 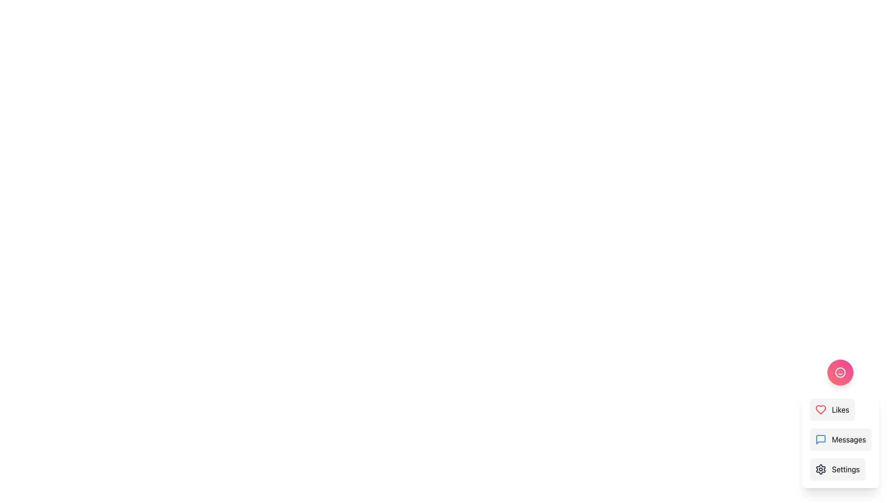 I want to click on the 'Settings' button with a gear icon, so click(x=837, y=469).